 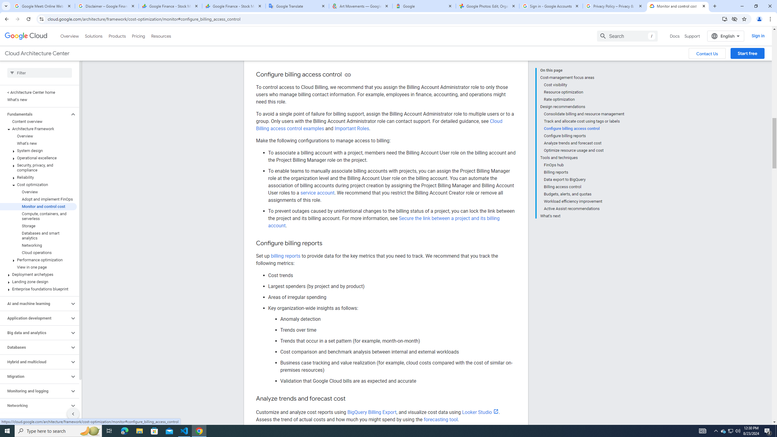 What do you see at coordinates (38, 226) in the screenshot?
I see `'Storage'` at bounding box center [38, 226].